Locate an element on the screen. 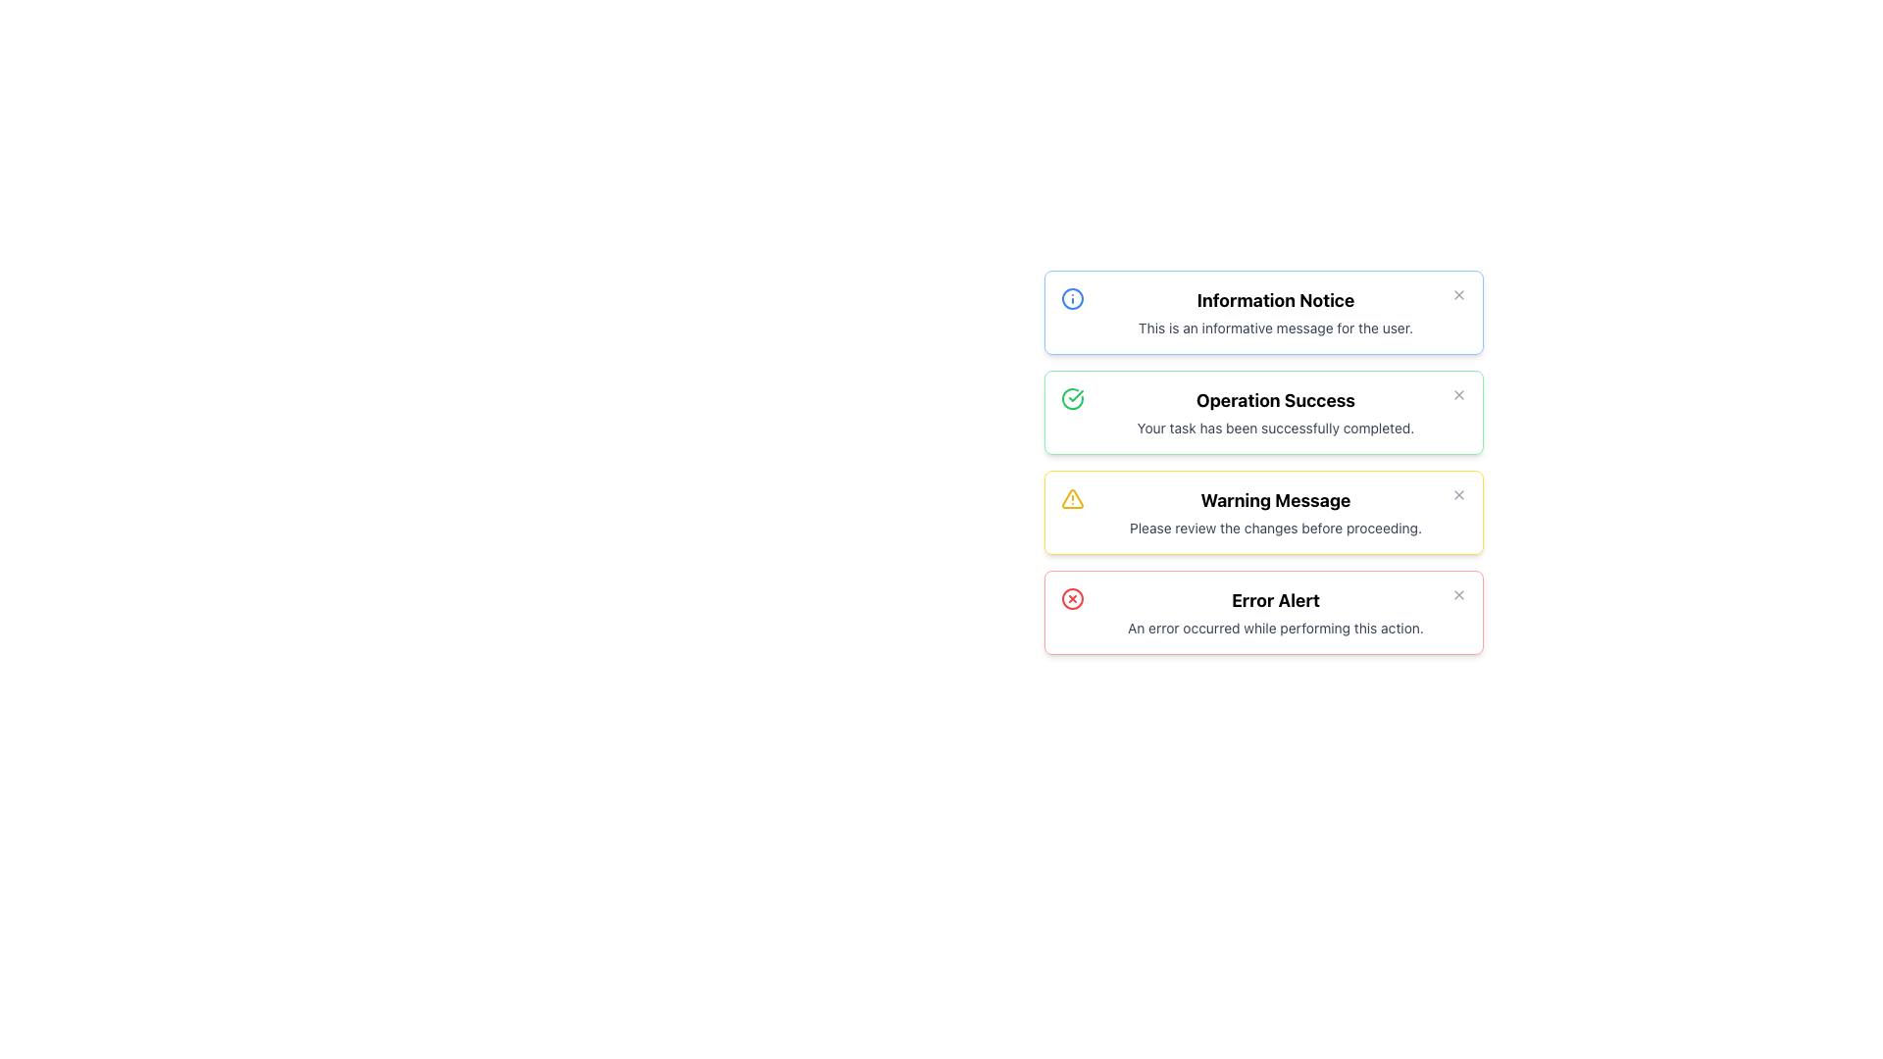 The width and height of the screenshot is (1883, 1059). the success icon located to the left of the text content in the 'Operation Success' notification card is located at coordinates (1072, 398).